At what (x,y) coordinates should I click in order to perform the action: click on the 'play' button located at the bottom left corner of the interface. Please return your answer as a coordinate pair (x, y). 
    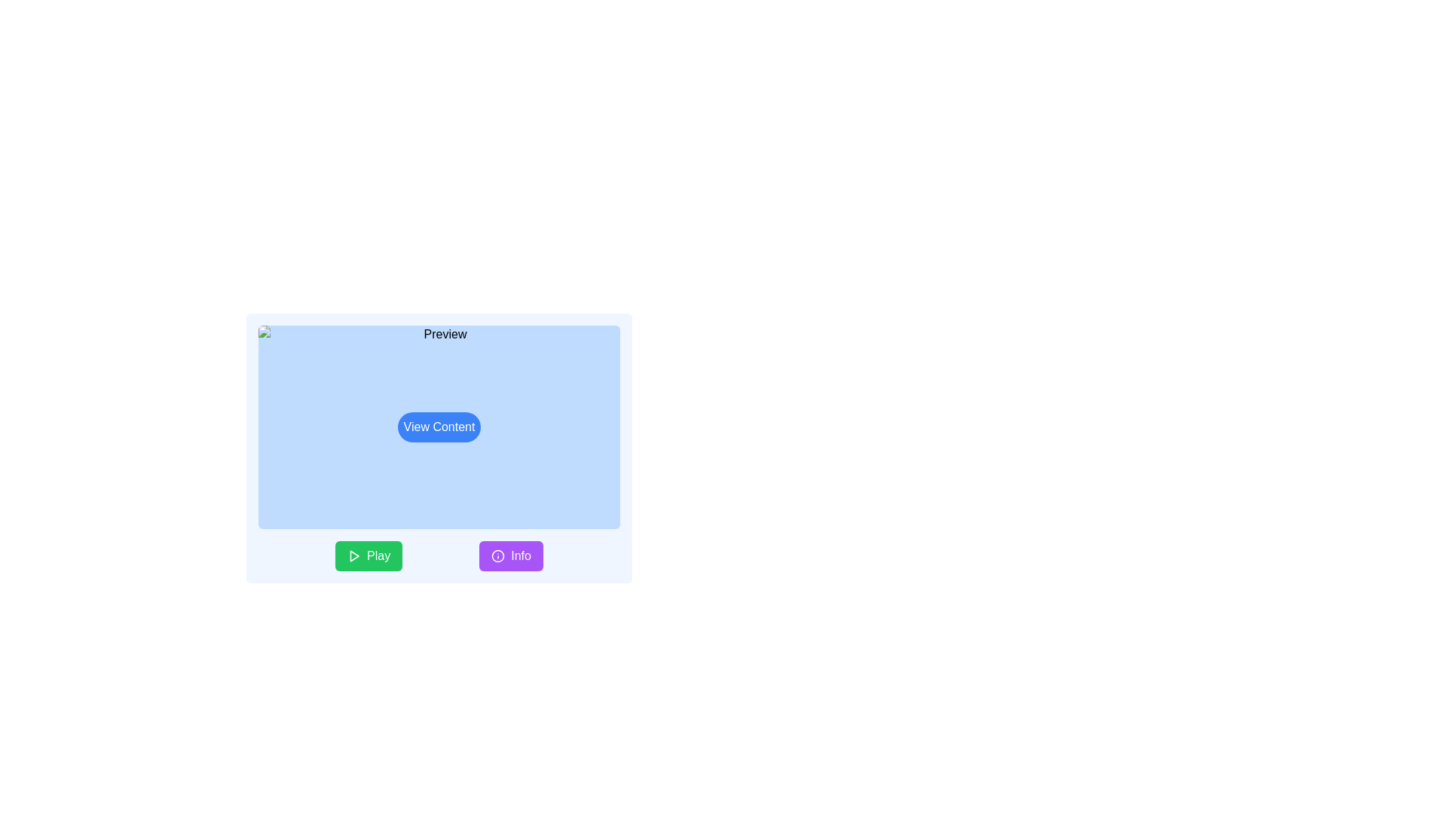
    Looking at the image, I should click on (369, 555).